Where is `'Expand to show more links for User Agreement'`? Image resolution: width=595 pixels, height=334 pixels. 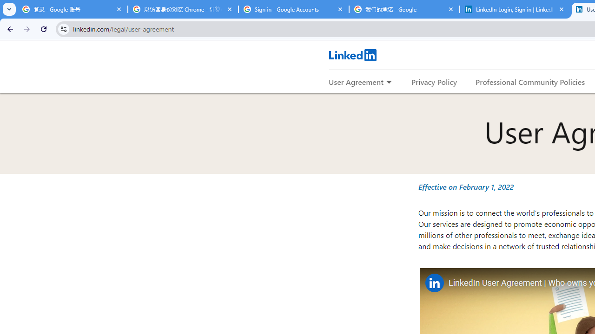 'Expand to show more links for User Agreement' is located at coordinates (389, 82).